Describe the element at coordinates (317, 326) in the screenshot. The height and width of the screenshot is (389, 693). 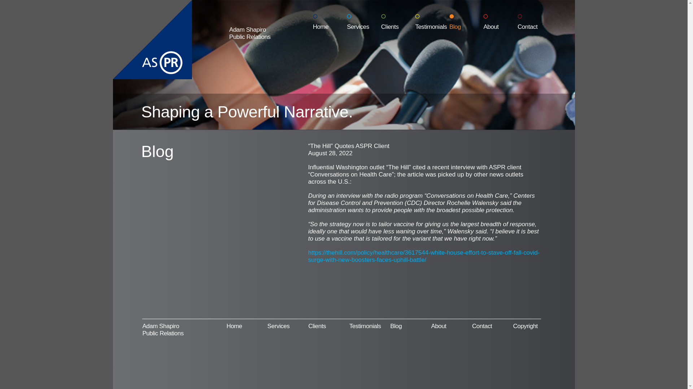
I see `'Clients'` at that location.